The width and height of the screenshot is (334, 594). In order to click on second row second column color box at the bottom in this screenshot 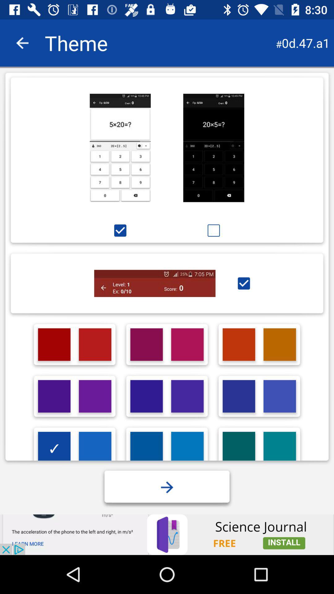, I will do `click(95, 396)`.